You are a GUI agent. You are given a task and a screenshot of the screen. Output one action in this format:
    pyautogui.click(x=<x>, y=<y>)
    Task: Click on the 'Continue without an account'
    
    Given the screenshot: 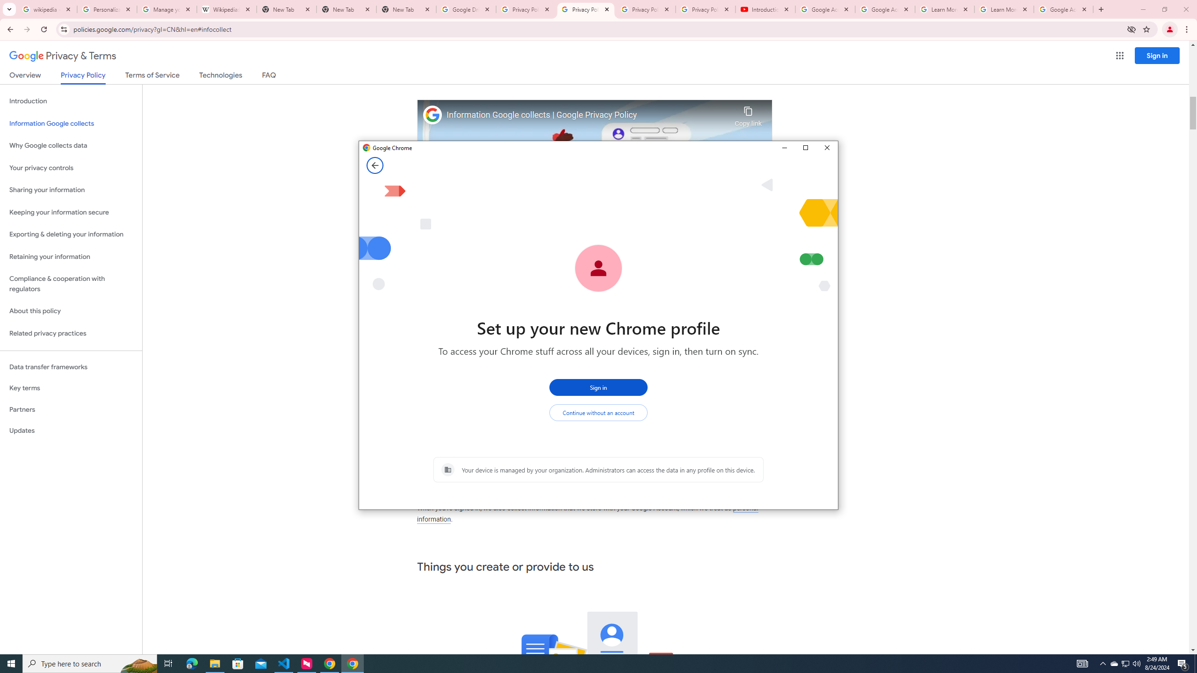 What is the action you would take?
    pyautogui.click(x=598, y=412)
    